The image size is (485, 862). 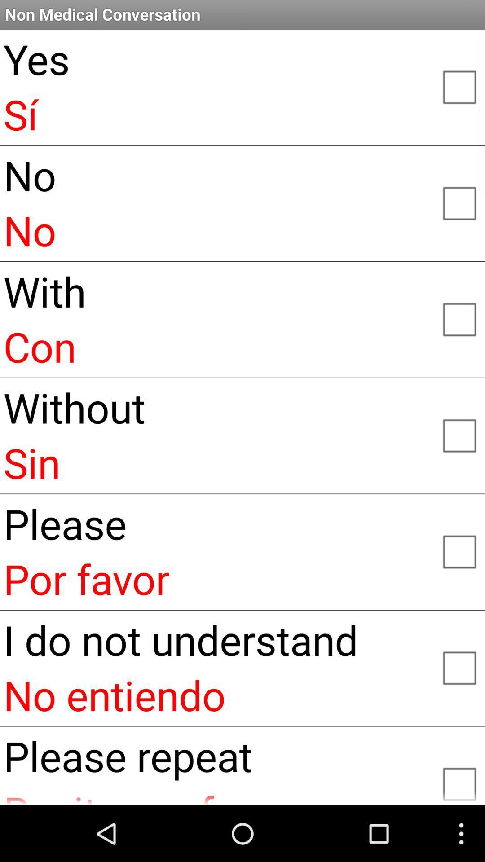 I want to click on confirm response, so click(x=459, y=319).